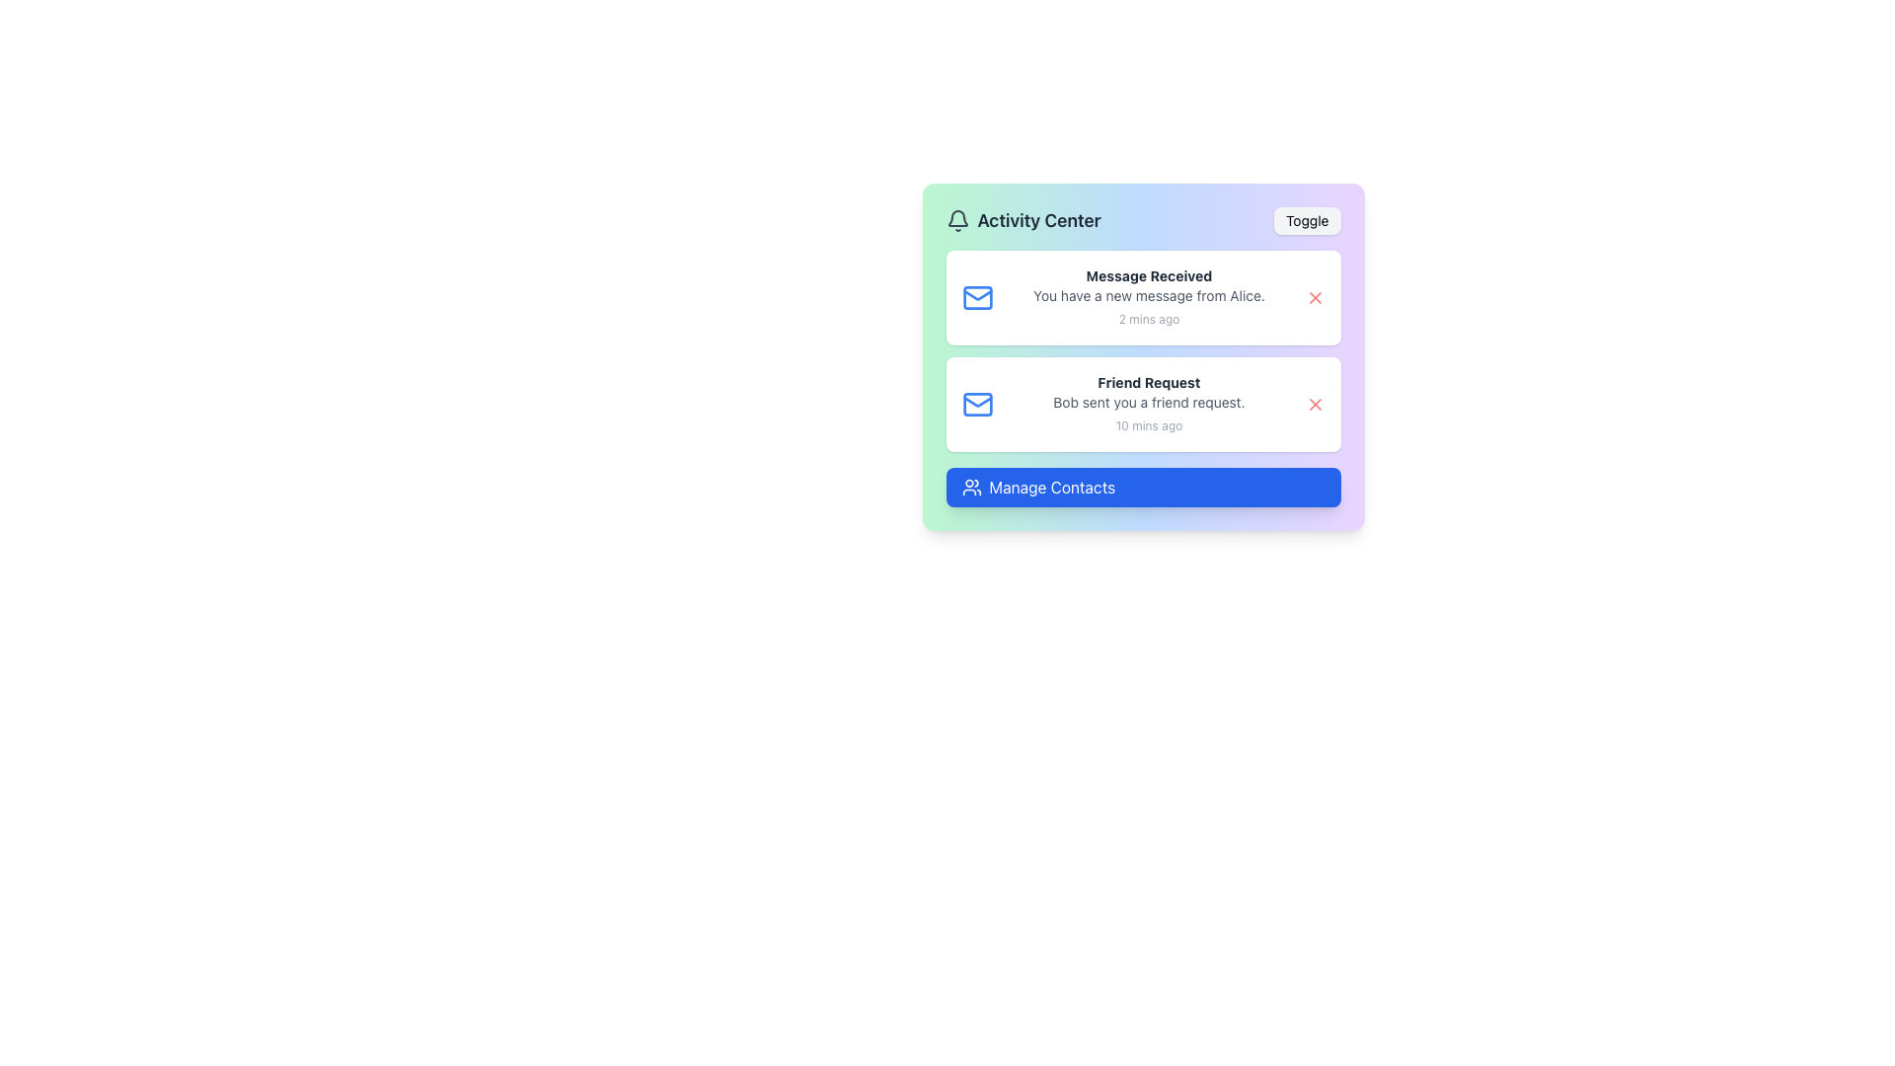 The width and height of the screenshot is (1895, 1066). I want to click on the gray bell-shaped icon located to the left of the 'Activity Center' text in the title section of the card interface, so click(957, 220).